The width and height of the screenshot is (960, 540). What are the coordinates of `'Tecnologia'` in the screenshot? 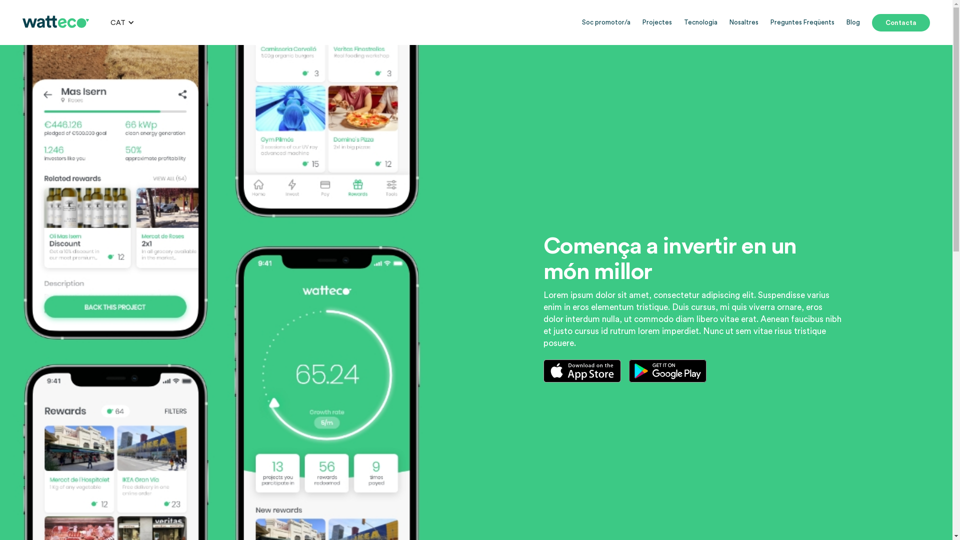 It's located at (700, 22).